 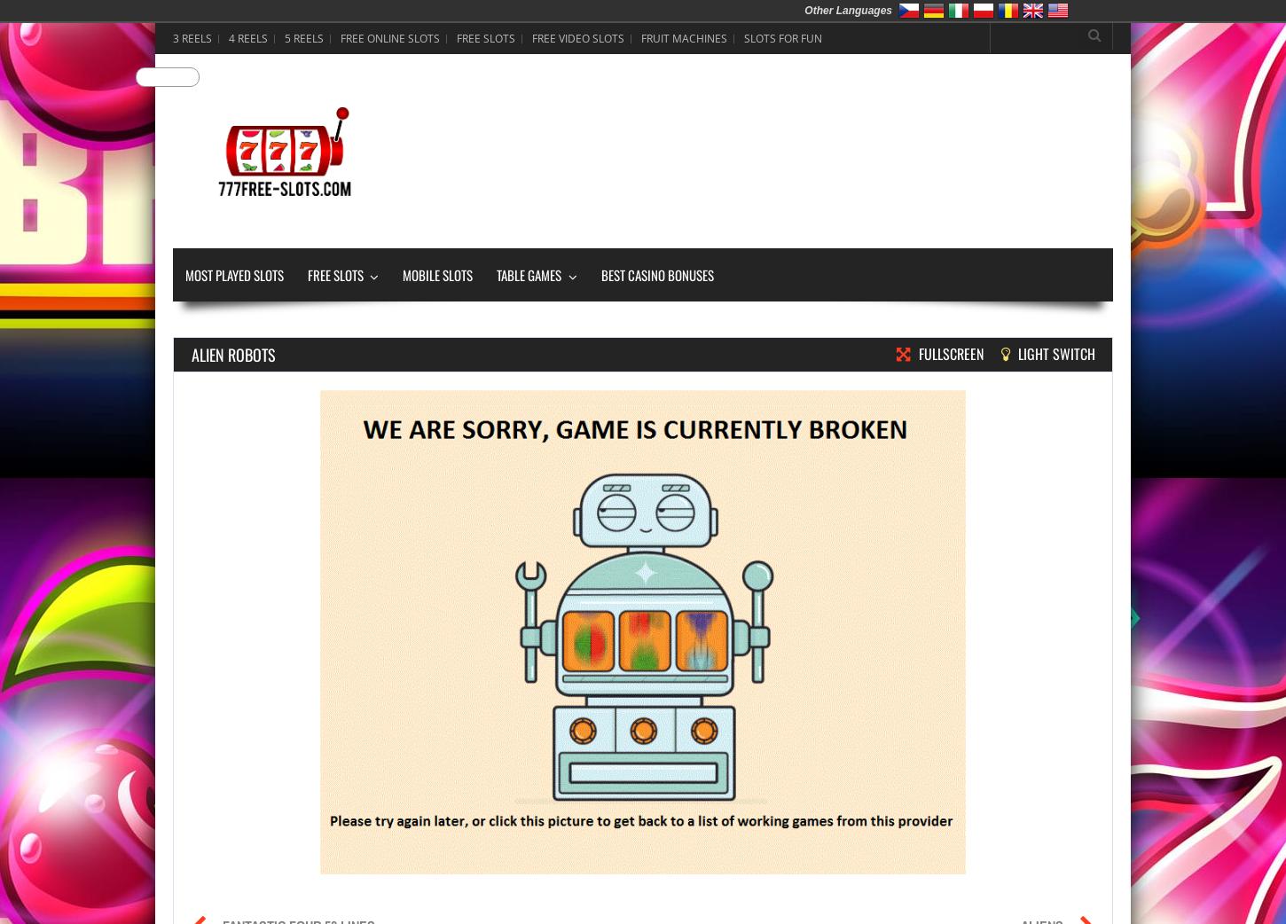 What do you see at coordinates (1054, 352) in the screenshot?
I see `'Light Switch'` at bounding box center [1054, 352].